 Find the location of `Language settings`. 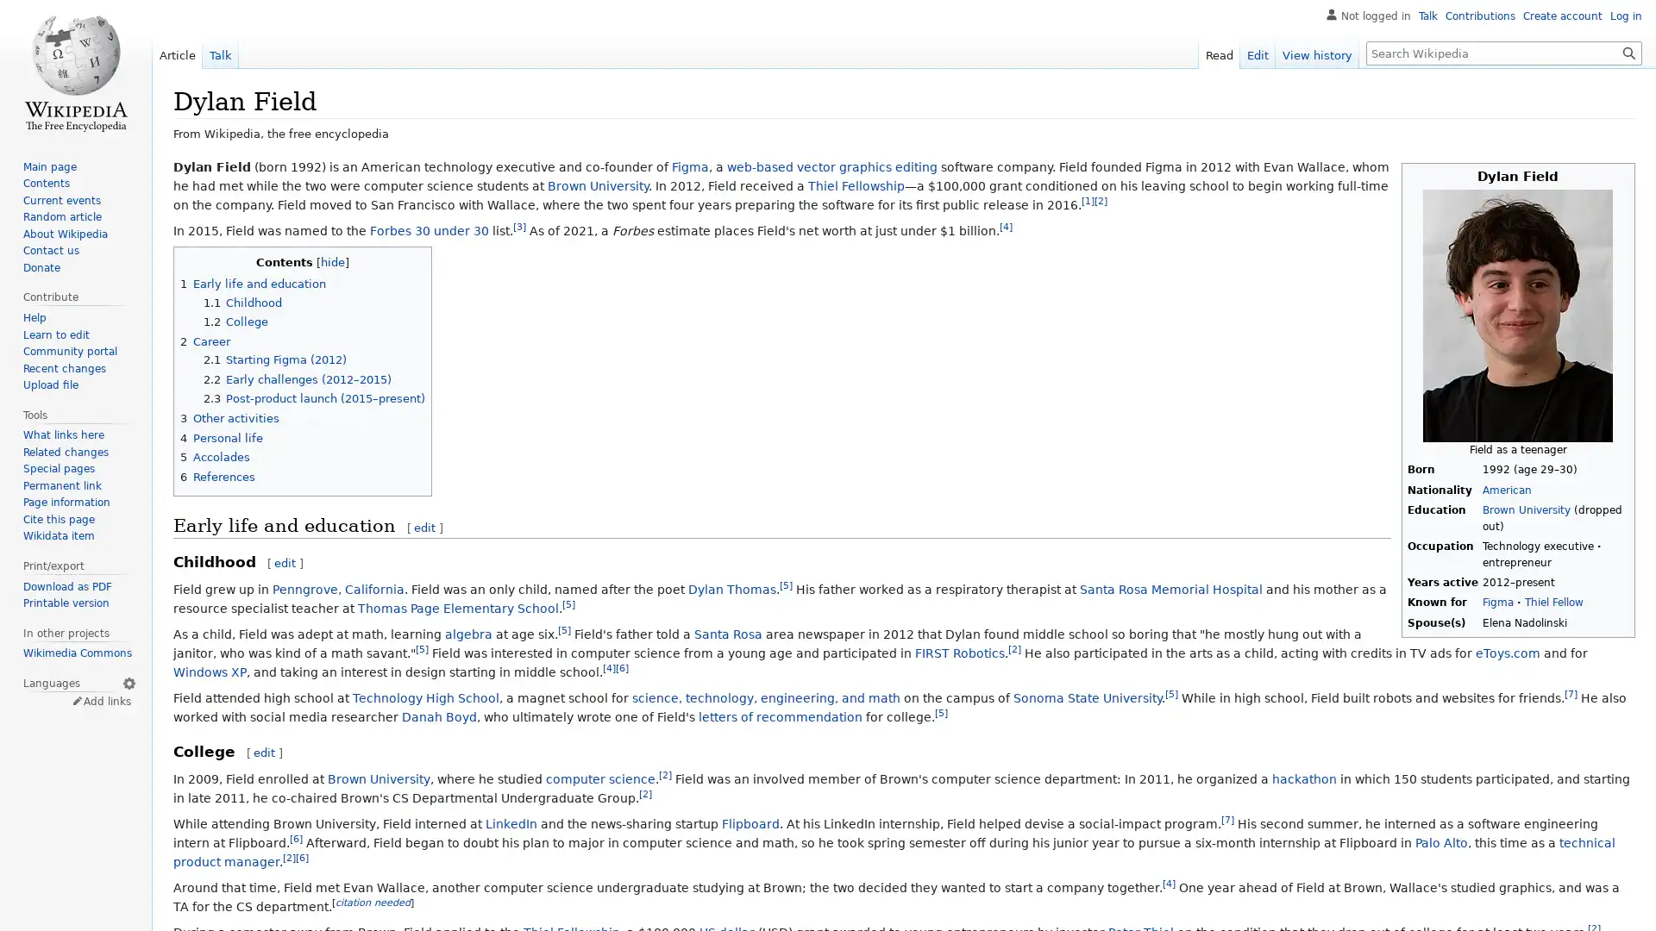

Language settings is located at coordinates (128, 681).